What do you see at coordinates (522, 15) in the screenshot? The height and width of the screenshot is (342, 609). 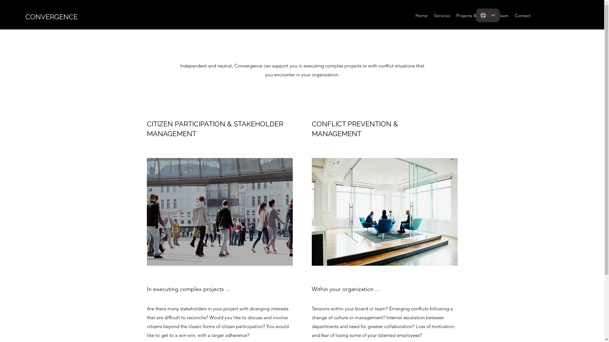 I see `'Contact'` at bounding box center [522, 15].